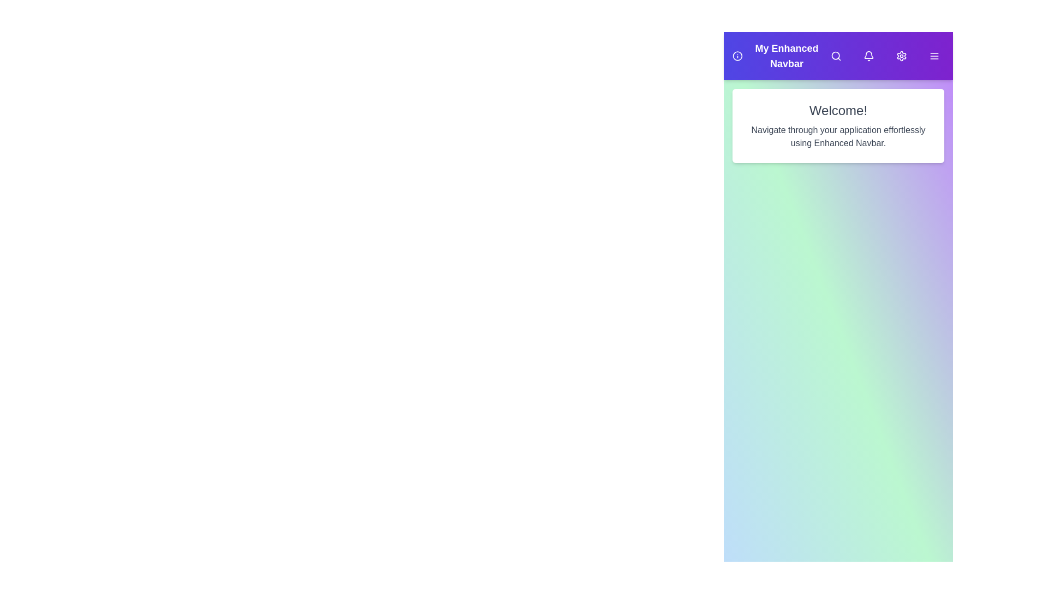 This screenshot has width=1048, height=589. What do you see at coordinates (934, 56) in the screenshot?
I see `the menu button to toggle the sidebar` at bounding box center [934, 56].